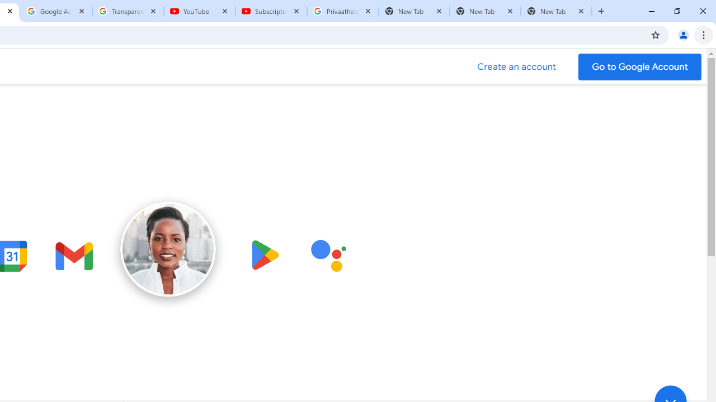 The image size is (716, 402). Describe the element at coordinates (271, 11) in the screenshot. I see `'Subscriptions - YouTube'` at that location.